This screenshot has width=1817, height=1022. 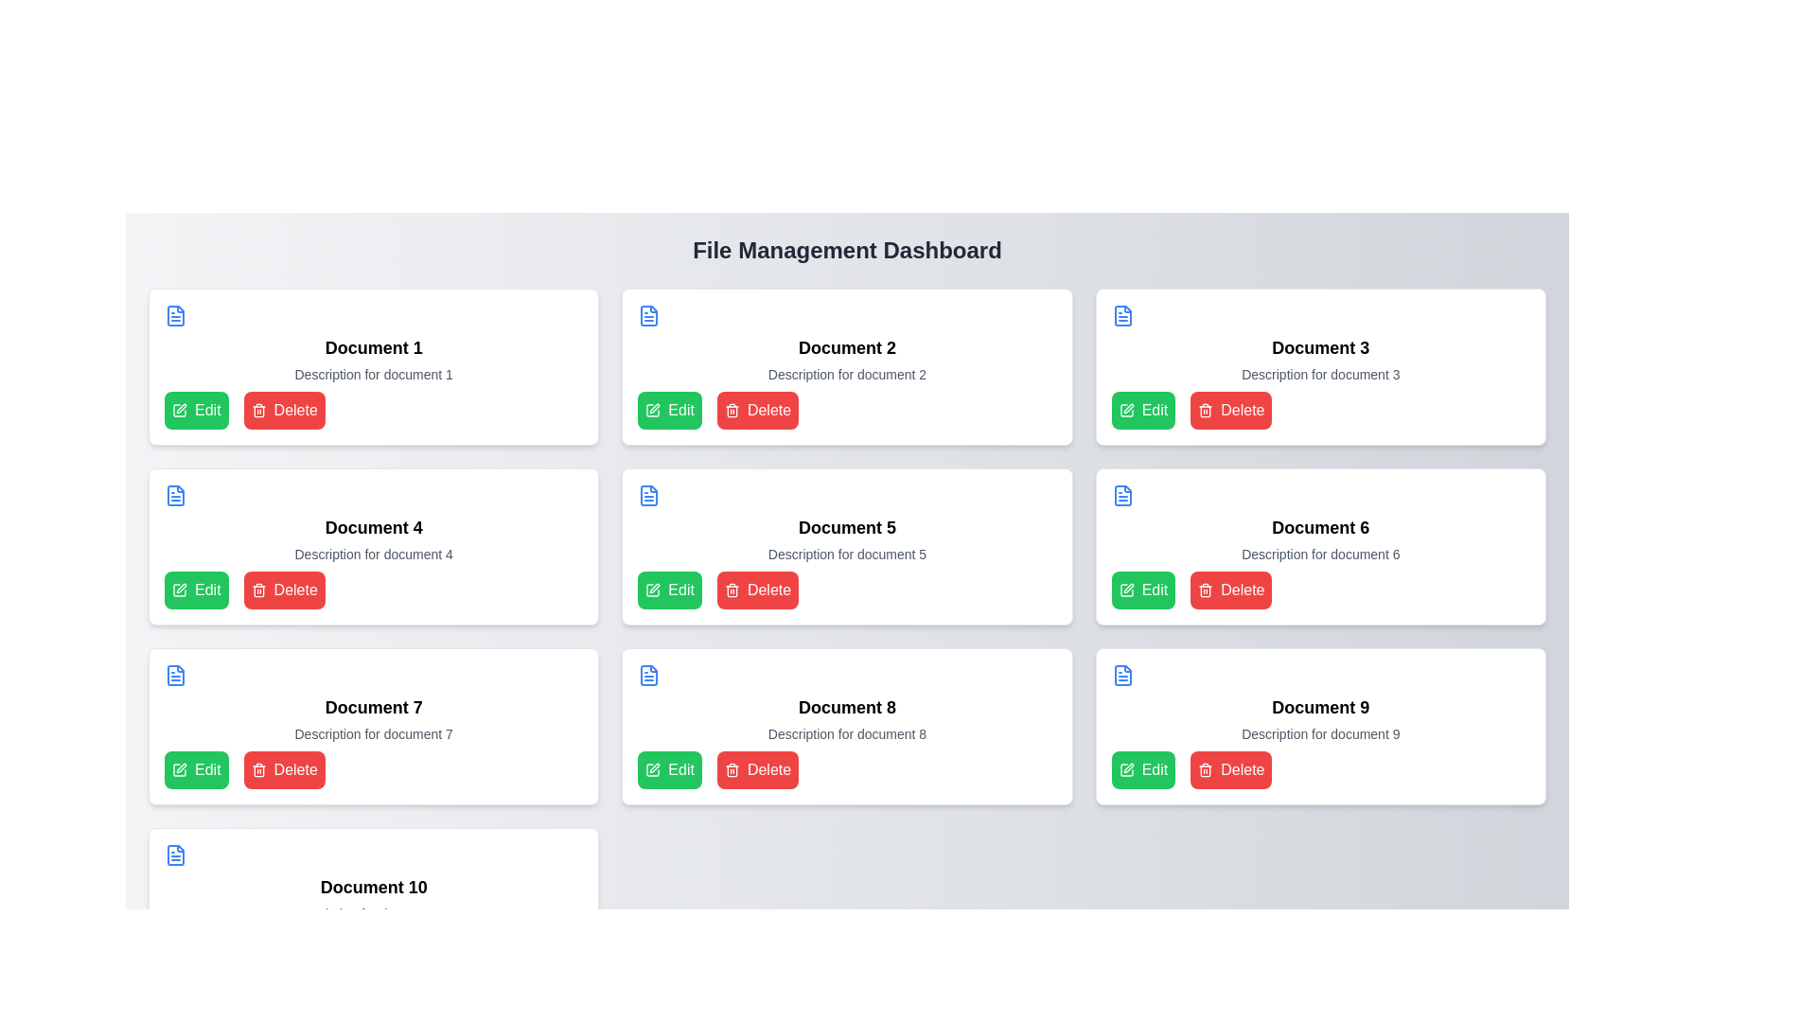 I want to click on the red 'Delete' button with rounded corners containing white text and a trash bin icon to bring up the context menu, so click(x=758, y=769).